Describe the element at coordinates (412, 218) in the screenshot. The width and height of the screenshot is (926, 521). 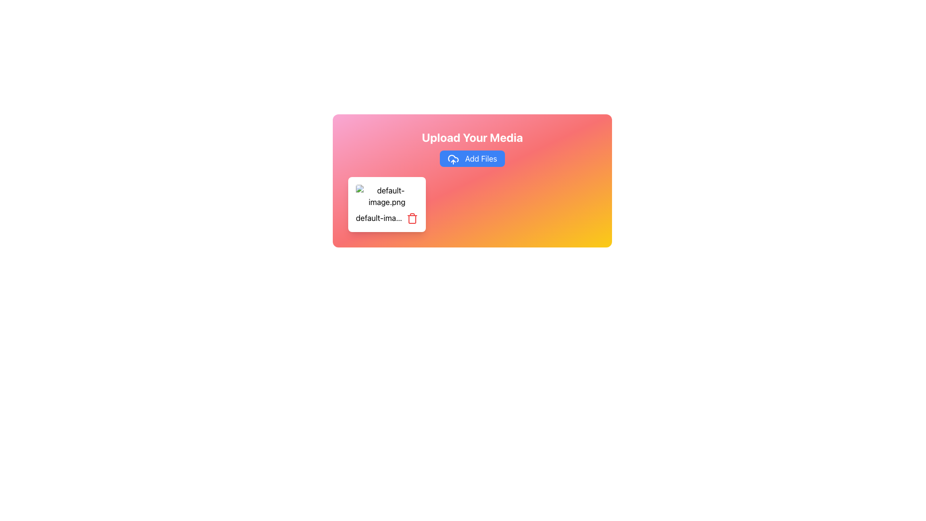
I see `the trash can icon on the right side of the file row` at that location.